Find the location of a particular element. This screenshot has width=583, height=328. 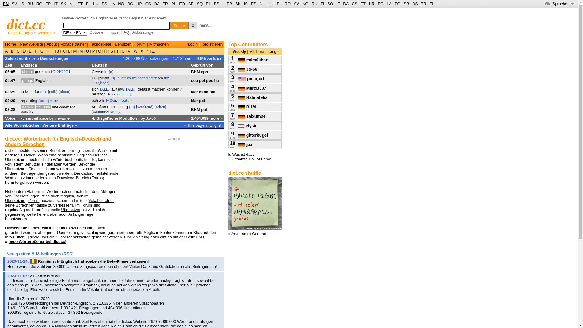

'C' is located at coordinates (18, 51).